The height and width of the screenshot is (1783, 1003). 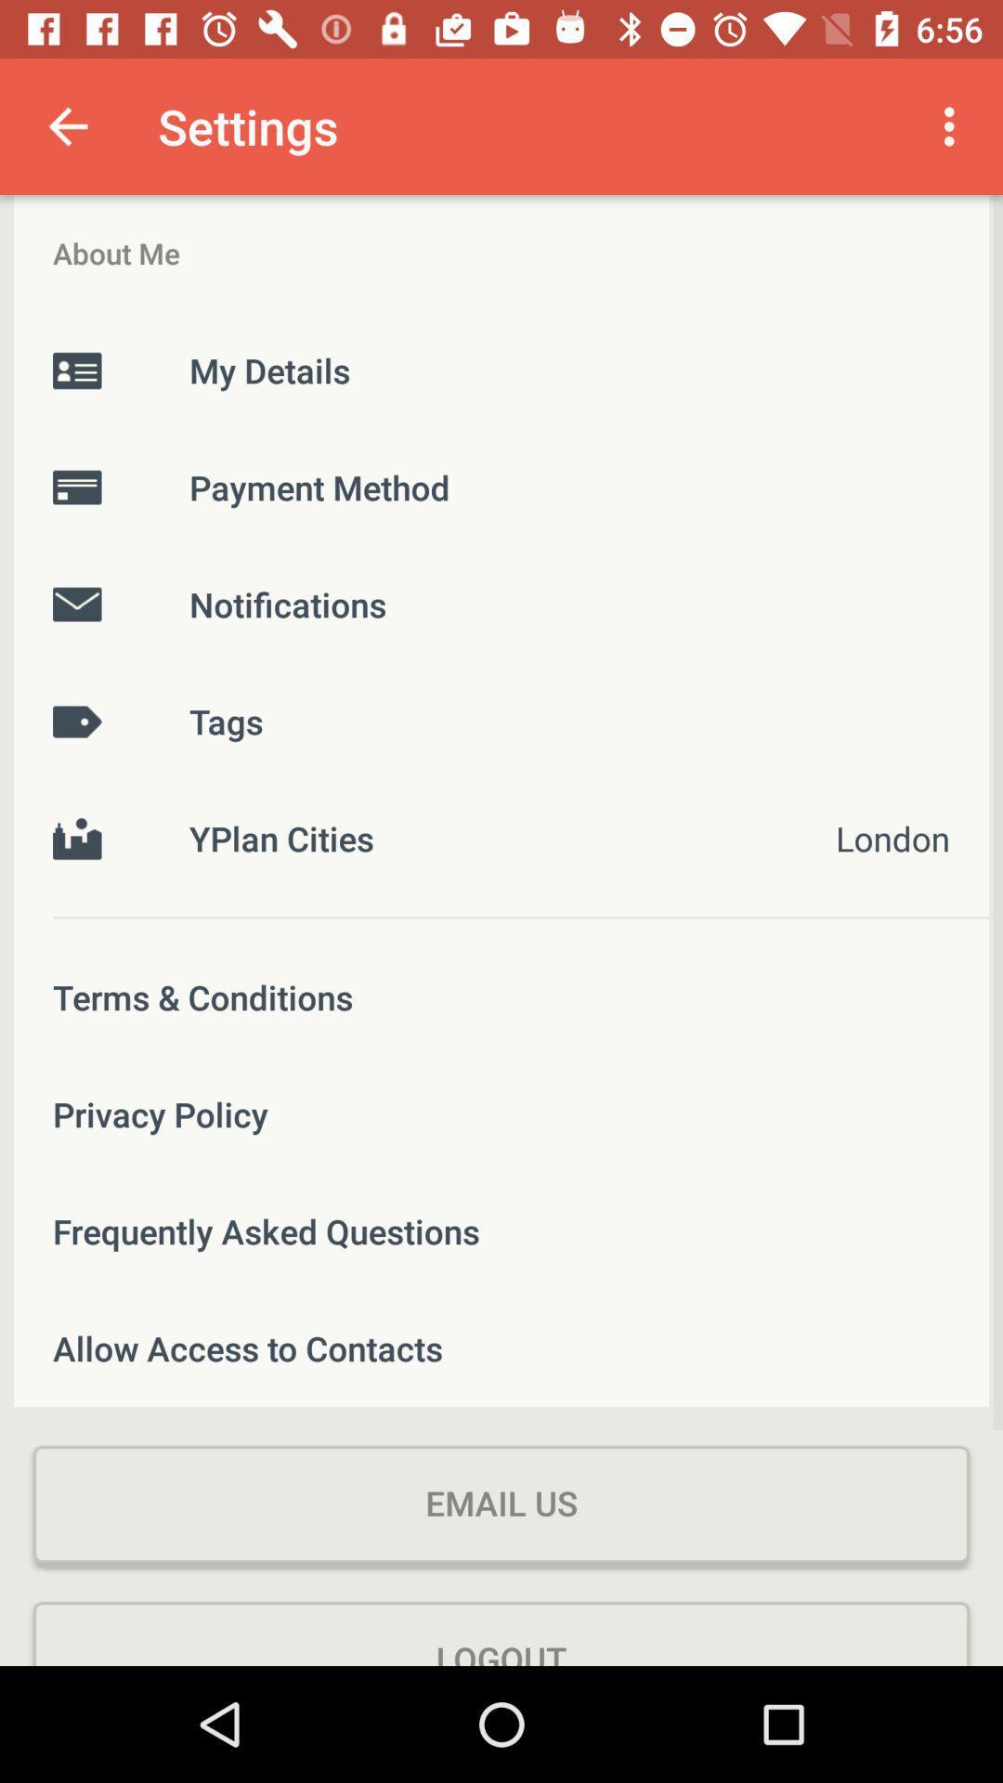 I want to click on the logout, so click(x=501, y=1633).